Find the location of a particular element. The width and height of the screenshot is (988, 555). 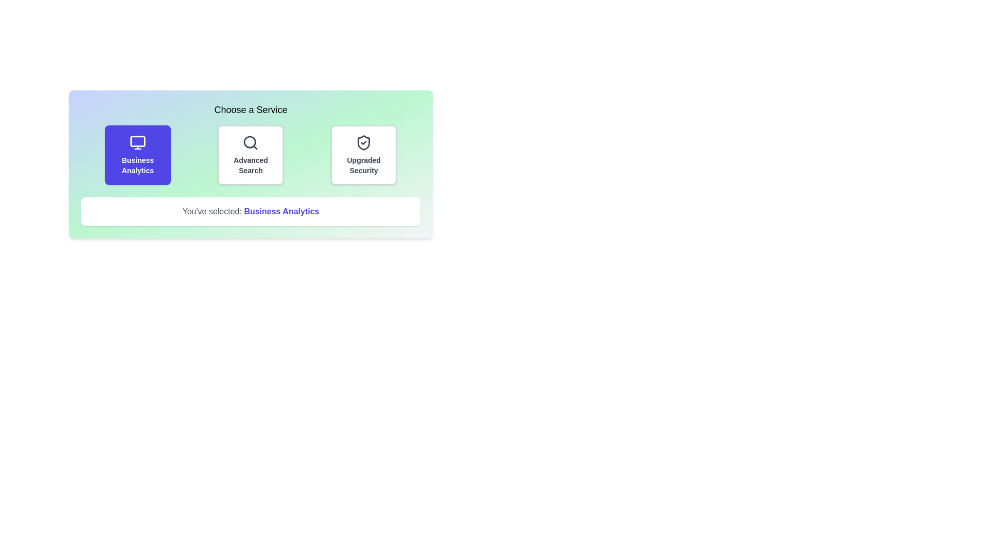

the service button corresponding to Business Analytics is located at coordinates (137, 155).